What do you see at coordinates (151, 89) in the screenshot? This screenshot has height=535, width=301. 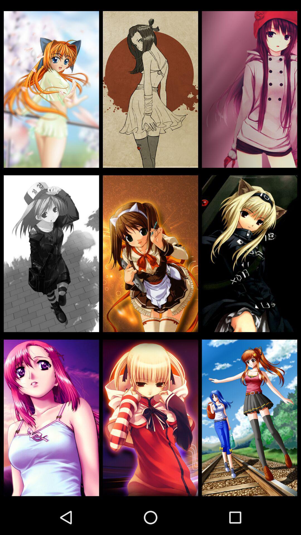 I see `item at the top` at bounding box center [151, 89].